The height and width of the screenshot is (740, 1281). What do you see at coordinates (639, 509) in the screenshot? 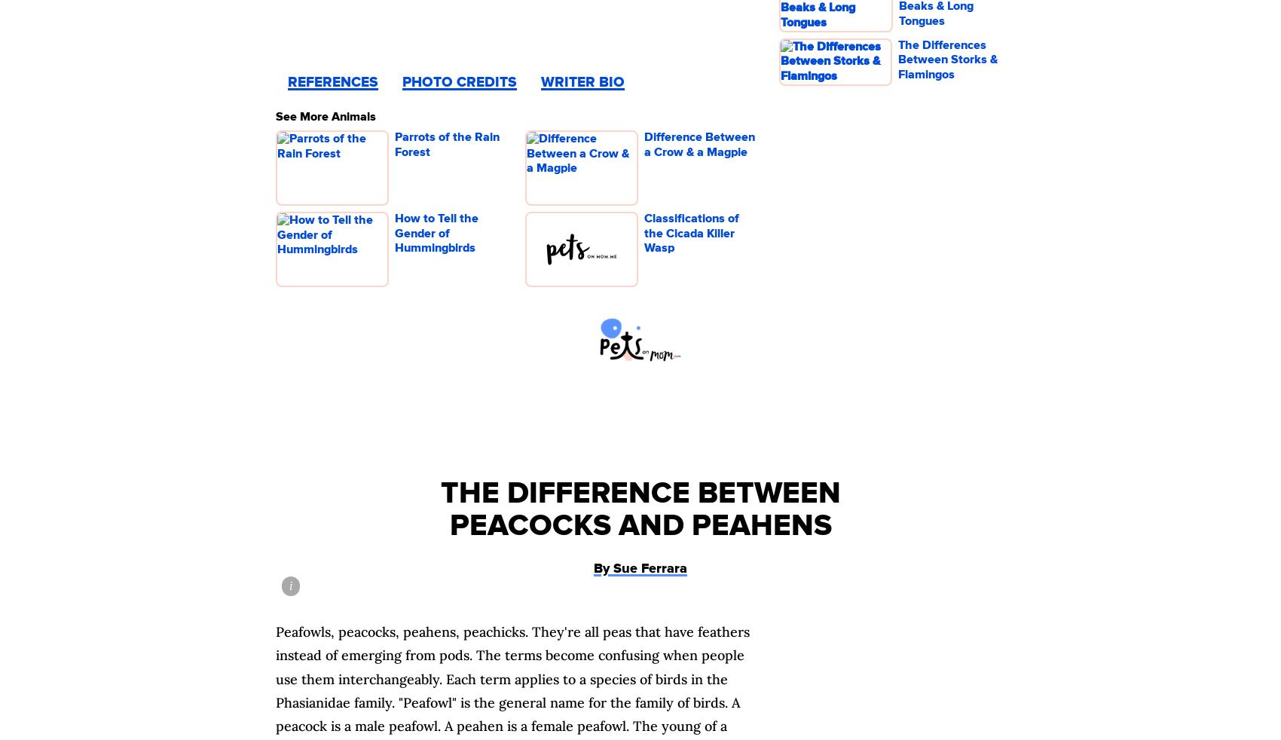
I see `'The Difference Between Peacocks and Peahens'` at bounding box center [639, 509].